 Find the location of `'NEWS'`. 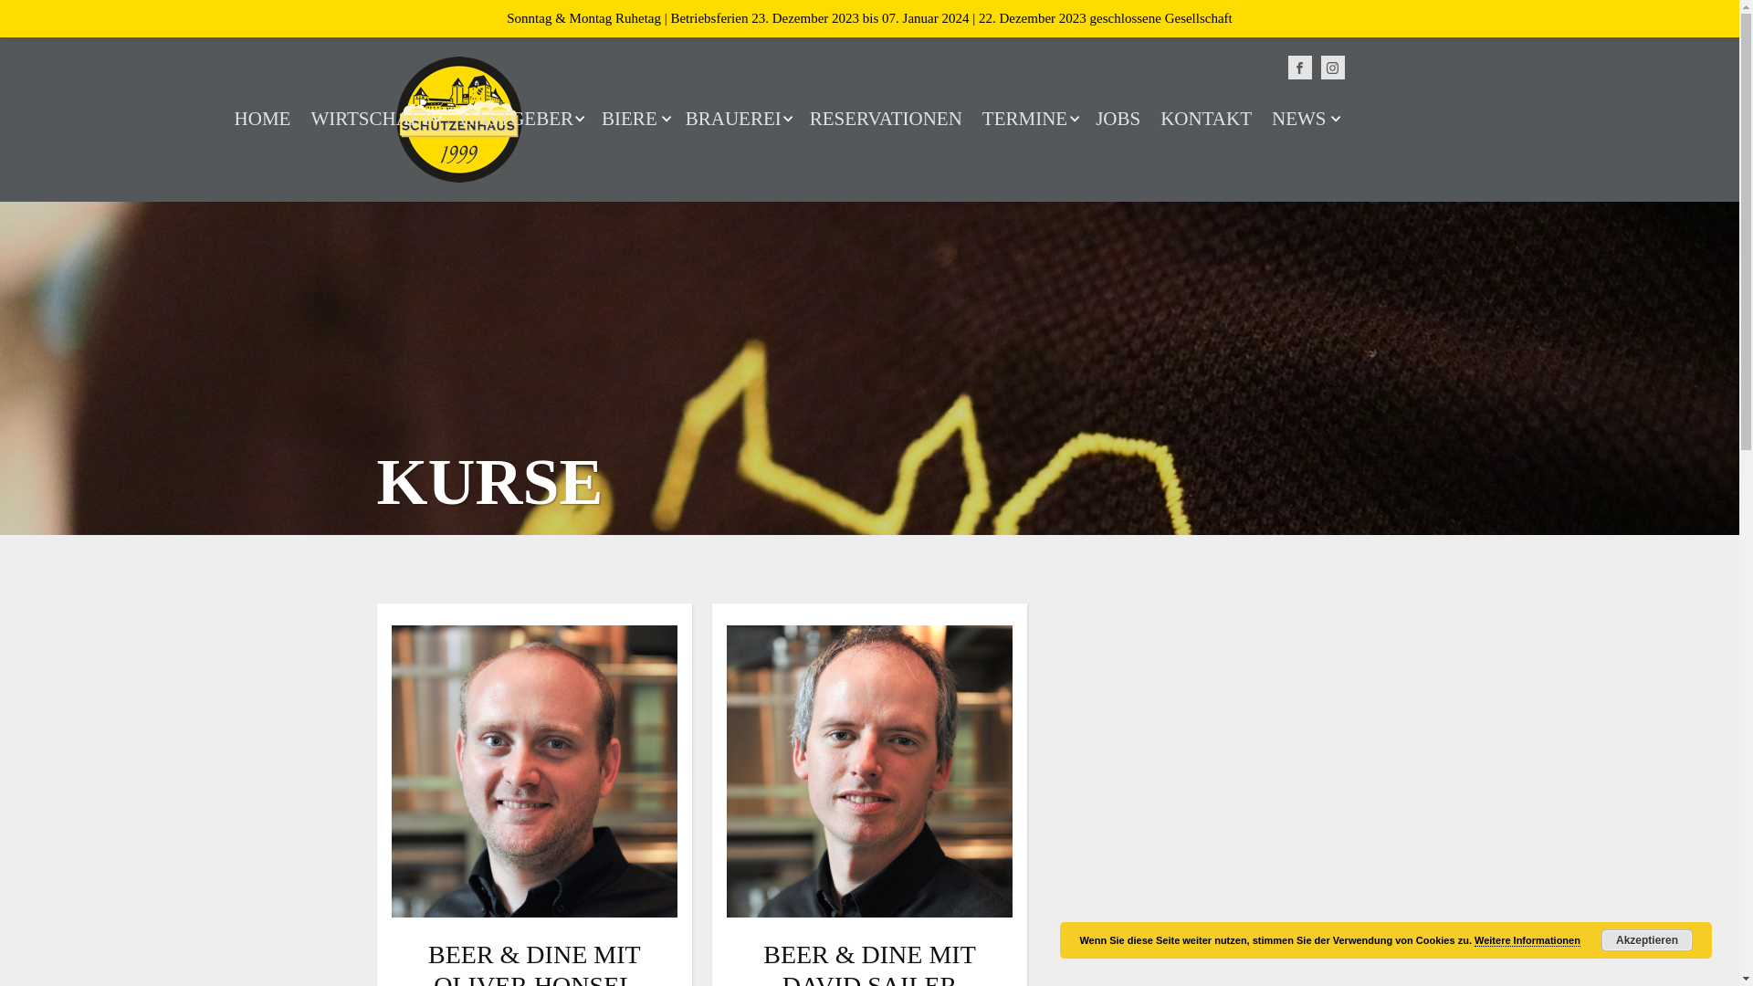

'NEWS' is located at coordinates (1261, 120).